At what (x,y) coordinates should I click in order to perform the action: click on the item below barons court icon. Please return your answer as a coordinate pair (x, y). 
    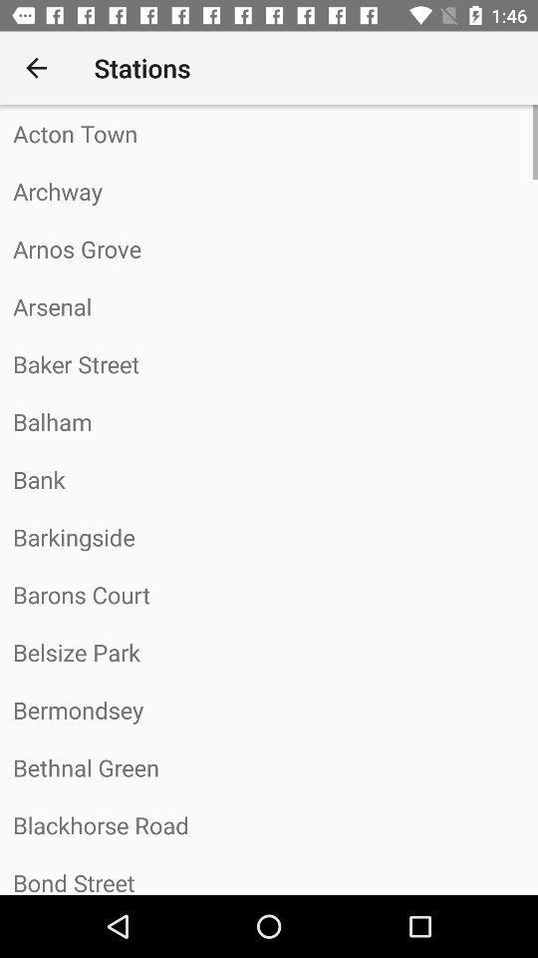
    Looking at the image, I should click on (269, 651).